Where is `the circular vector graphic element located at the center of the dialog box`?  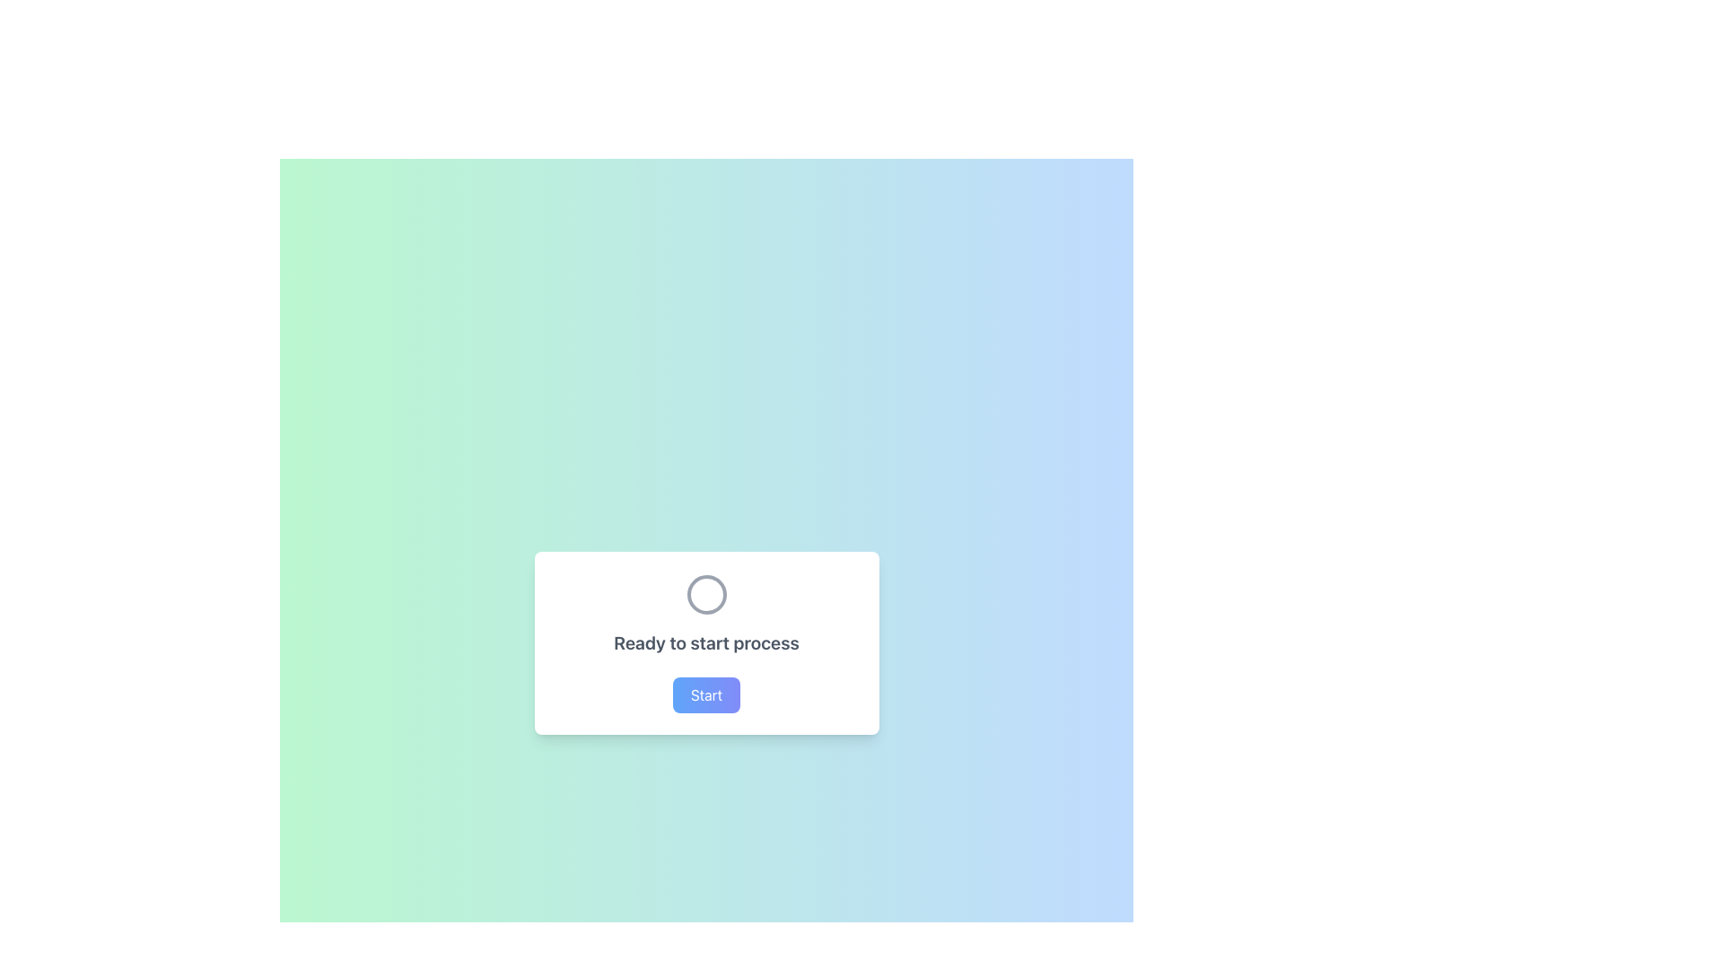
the circular vector graphic element located at the center of the dialog box is located at coordinates (705, 595).